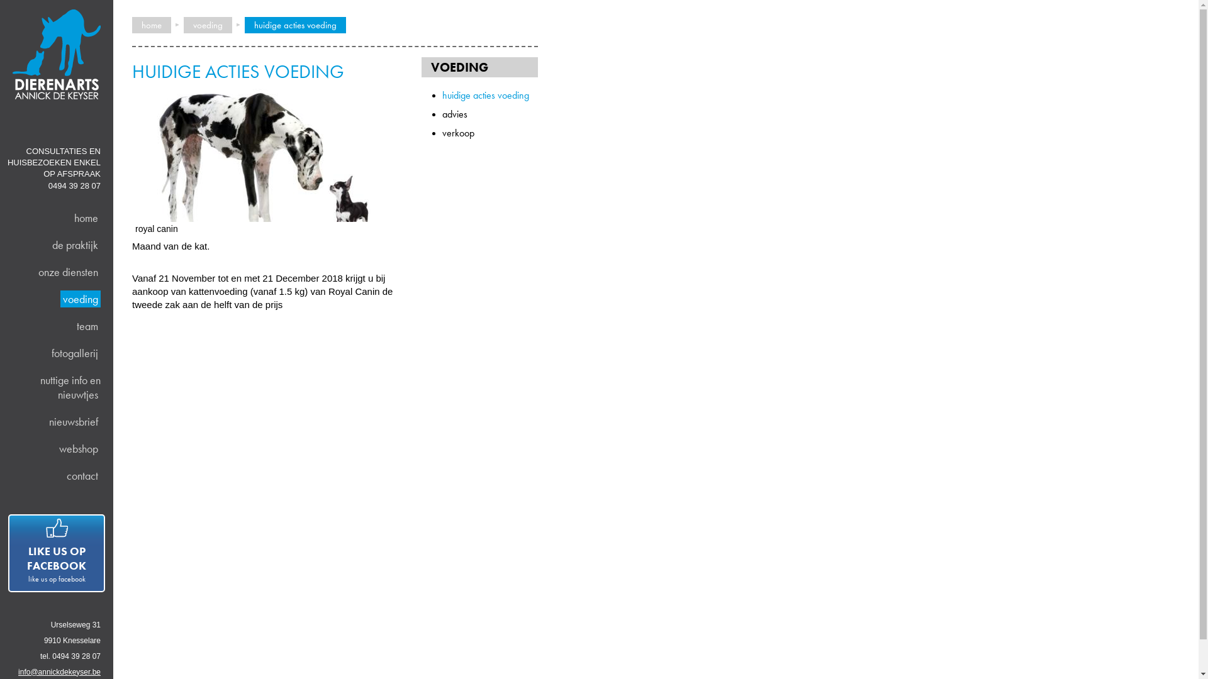 Image resolution: width=1208 pixels, height=679 pixels. Describe the element at coordinates (56, 552) in the screenshot. I see `'LIKE US OP FACEBOOK` at that location.